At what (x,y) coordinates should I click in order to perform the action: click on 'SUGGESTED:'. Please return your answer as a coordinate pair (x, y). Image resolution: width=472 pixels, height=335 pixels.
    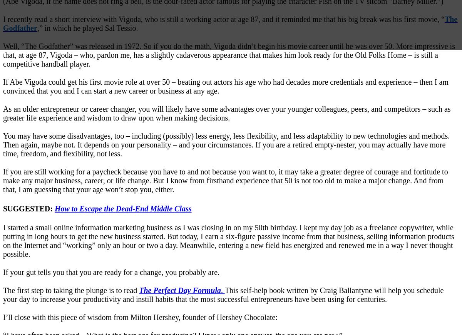
    Looking at the image, I should click on (28, 208).